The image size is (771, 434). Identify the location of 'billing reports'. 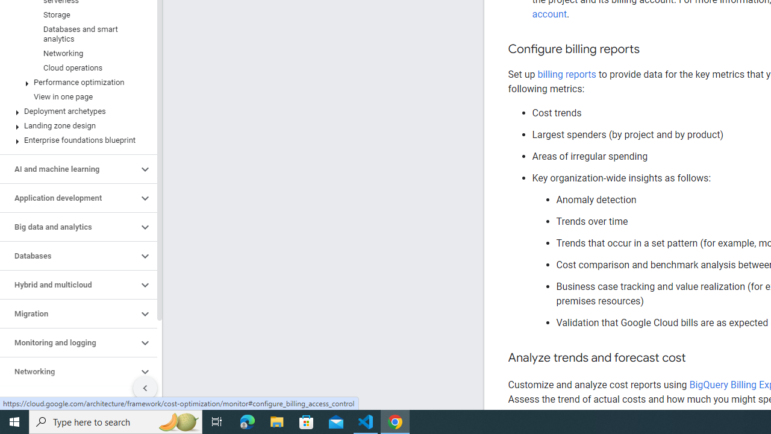
(566, 74).